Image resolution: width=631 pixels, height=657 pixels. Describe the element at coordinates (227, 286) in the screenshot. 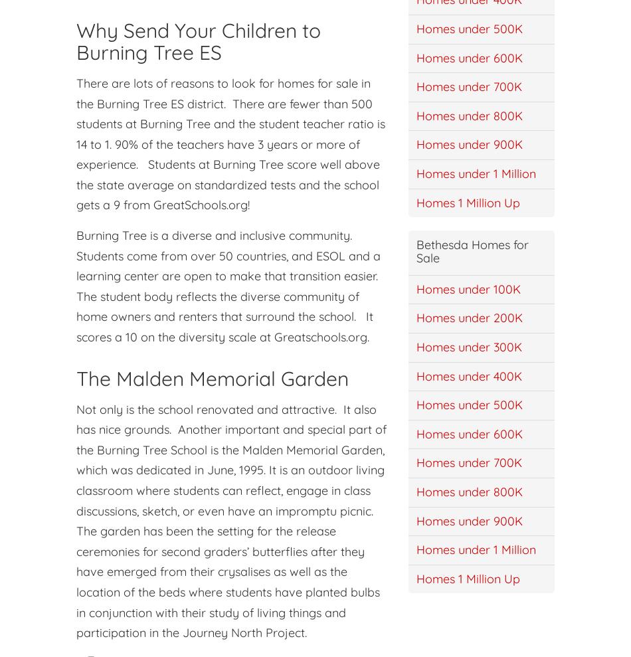

I see `'Burning Tree is a diverse and inclusive community. Students come from over 50 countries, and ESOL and a learning center are open to make that transition easier. The student body reflects the diverse community of home owners and renters that surround the school.   It scores a 10 on the diversity scale at Greatschools.org.'` at that location.